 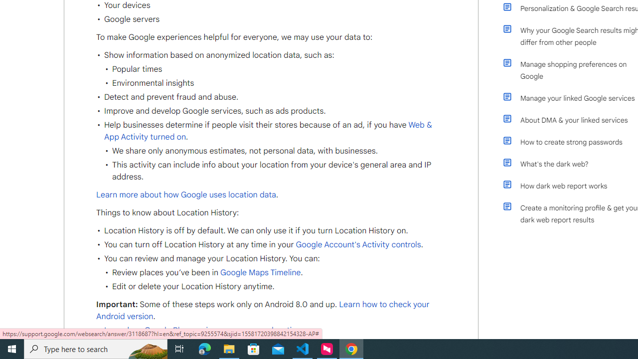 What do you see at coordinates (186, 194) in the screenshot?
I see `'Learn more about how Google uses location data'` at bounding box center [186, 194].